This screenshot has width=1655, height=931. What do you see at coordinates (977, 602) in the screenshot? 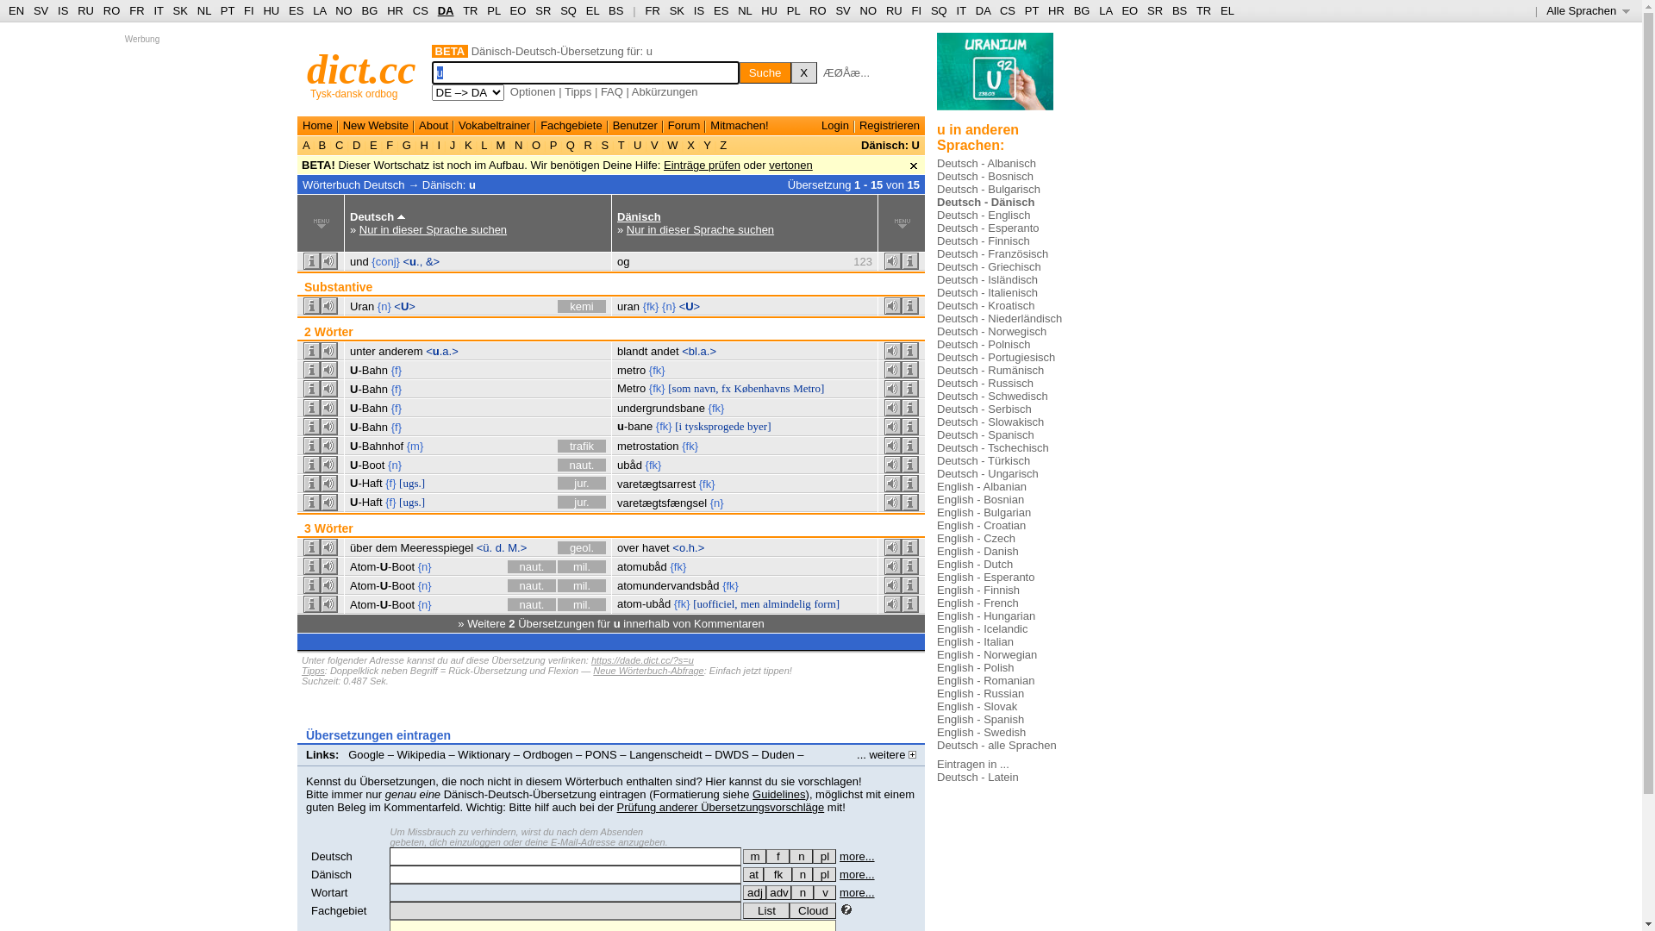
I see `'English - French'` at bounding box center [977, 602].